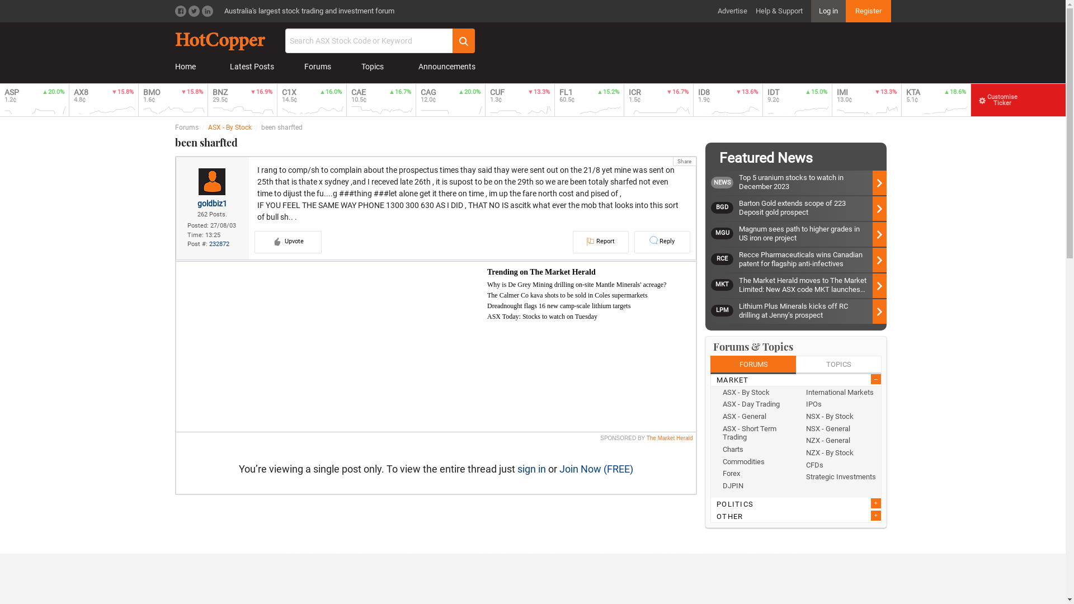 Image resolution: width=1074 pixels, height=604 pixels. Describe the element at coordinates (725, 233) in the screenshot. I see `'MGU'` at that location.